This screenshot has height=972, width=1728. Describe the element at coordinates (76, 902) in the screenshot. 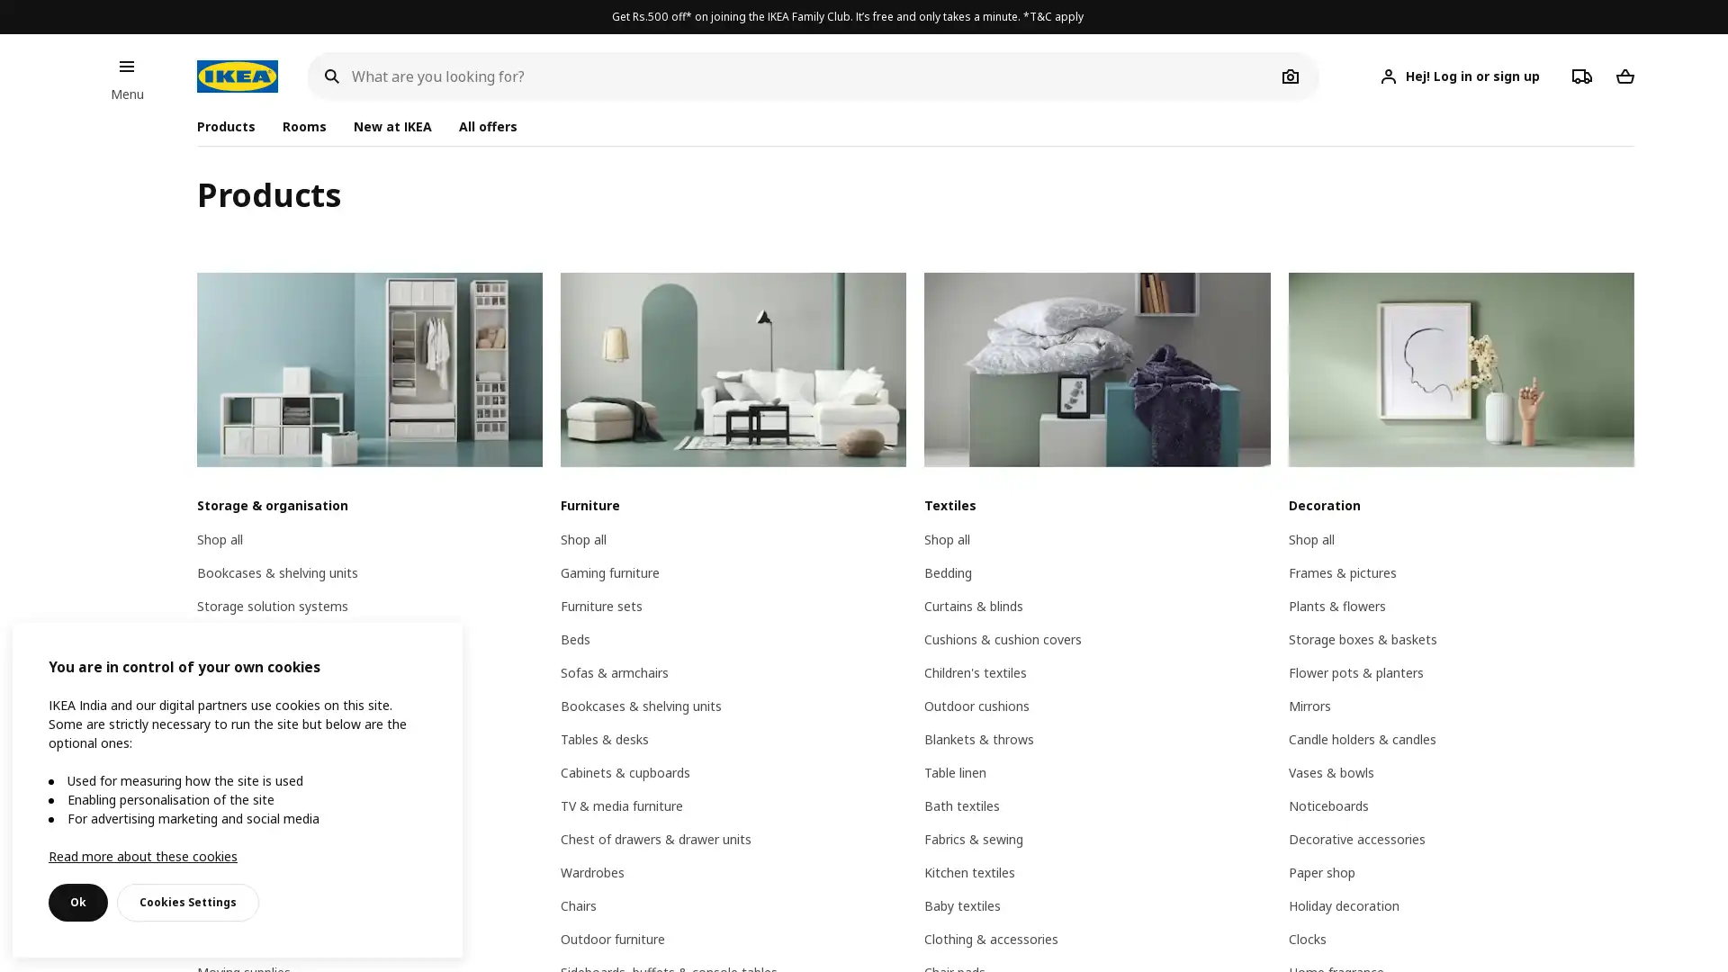

I see `Ok` at that location.